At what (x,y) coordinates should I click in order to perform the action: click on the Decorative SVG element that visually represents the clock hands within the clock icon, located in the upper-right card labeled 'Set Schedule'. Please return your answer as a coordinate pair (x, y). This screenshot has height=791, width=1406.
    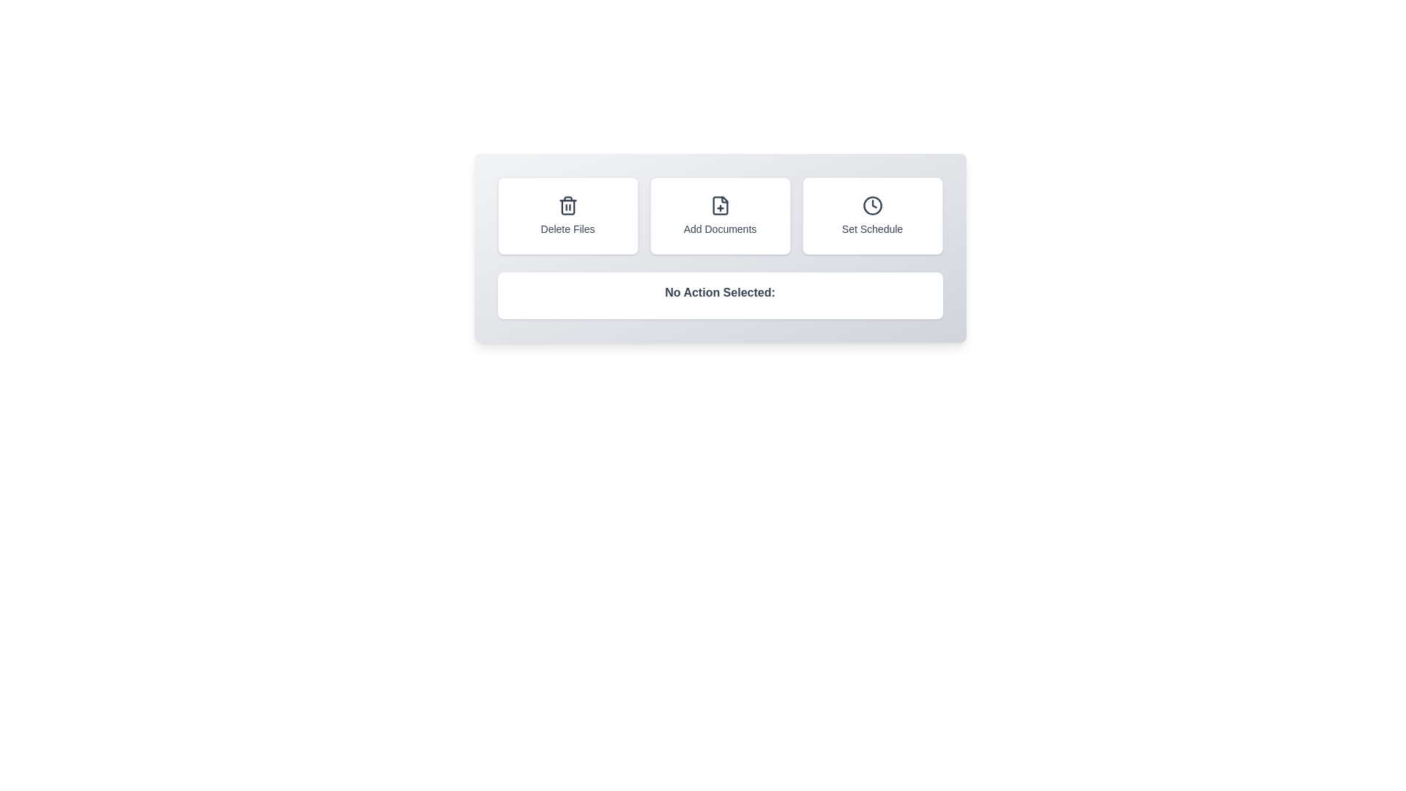
    Looking at the image, I should click on (874, 204).